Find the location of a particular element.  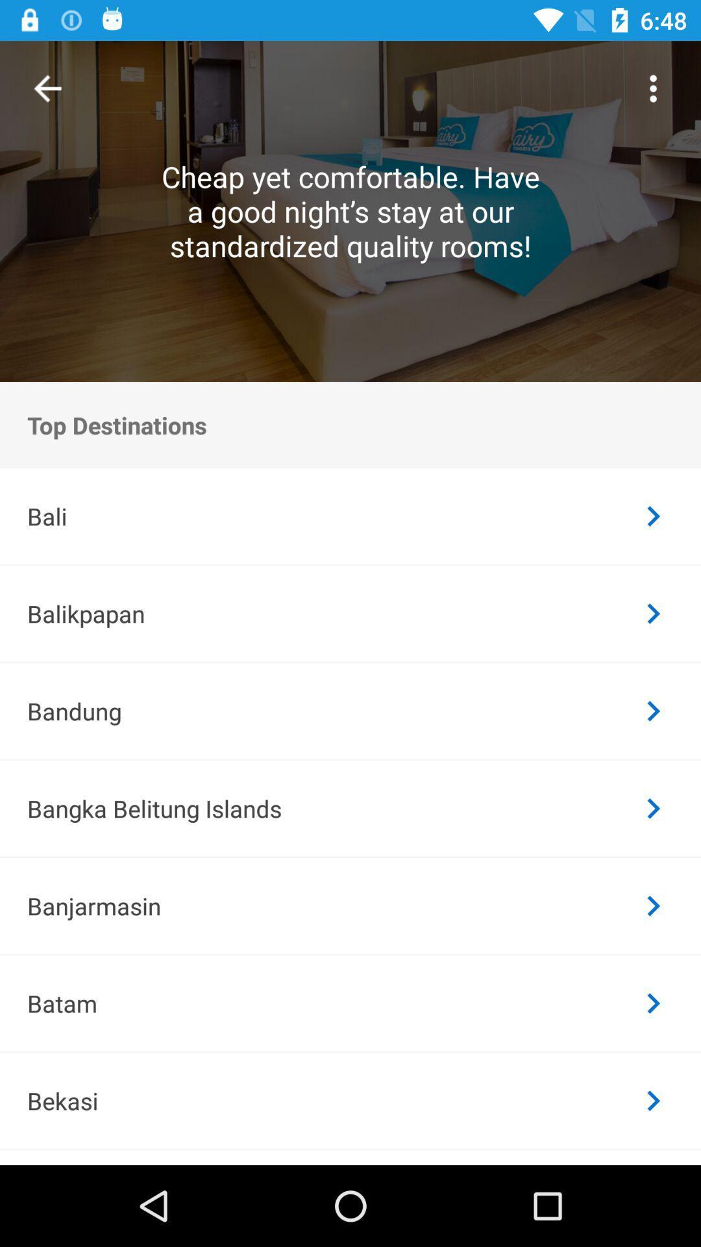

button back is located at coordinates (47, 88).